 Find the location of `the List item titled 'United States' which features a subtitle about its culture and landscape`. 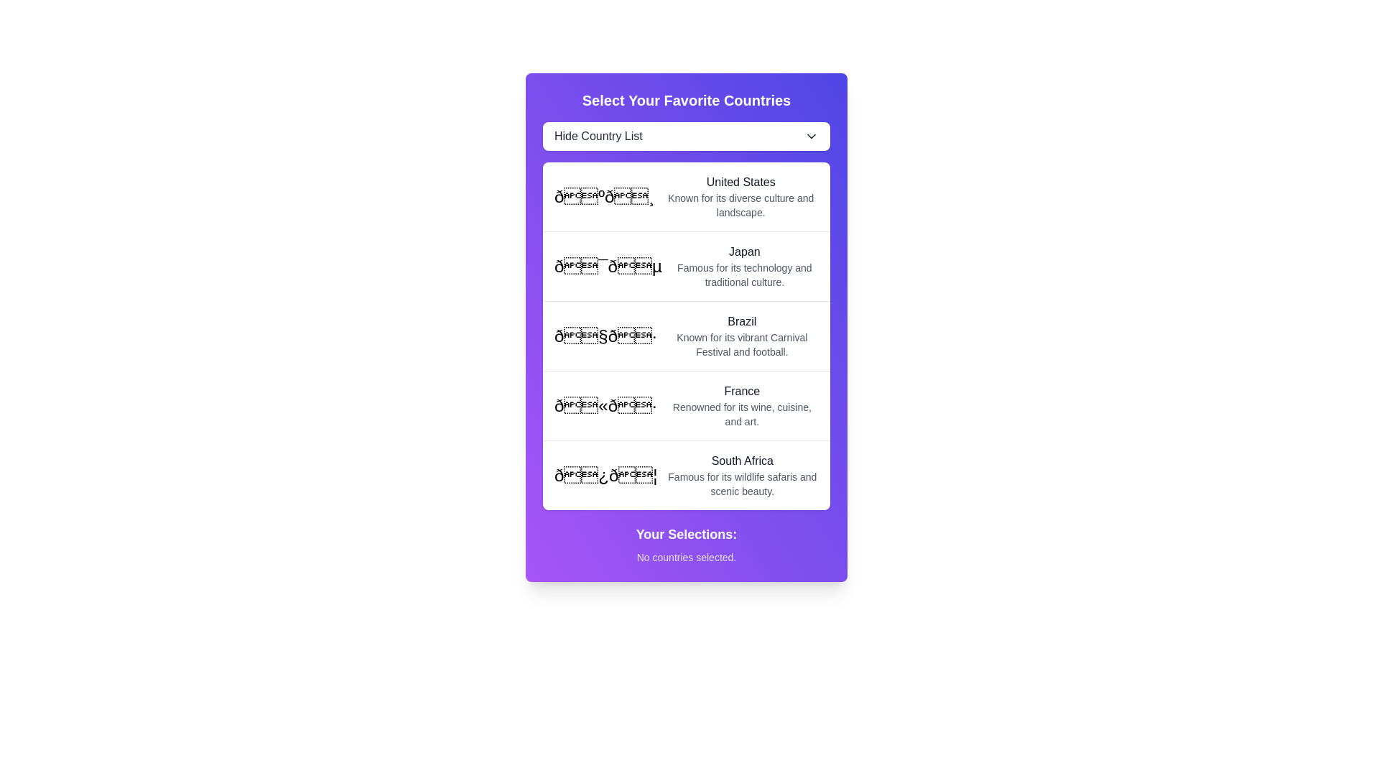

the List item titled 'United States' which features a subtitle about its culture and landscape is located at coordinates (740, 196).